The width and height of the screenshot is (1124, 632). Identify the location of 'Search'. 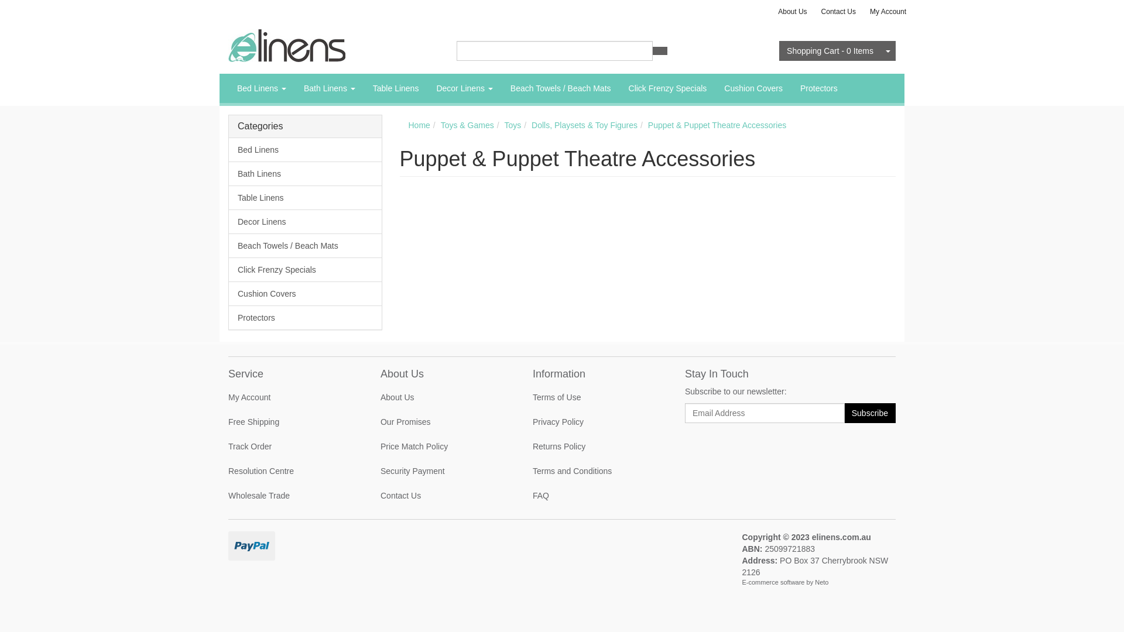
(651, 50).